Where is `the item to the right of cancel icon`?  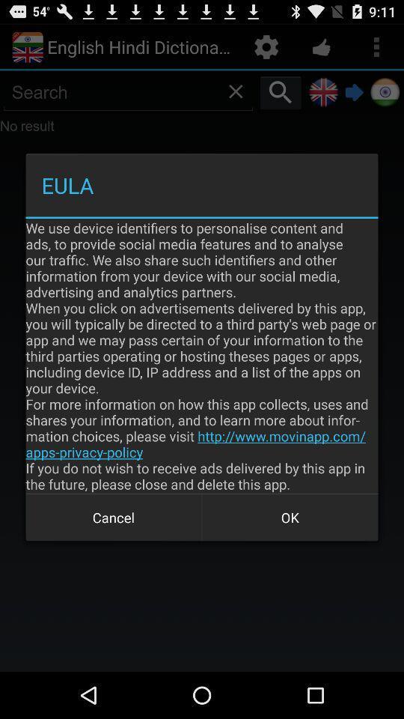 the item to the right of cancel icon is located at coordinates (290, 518).